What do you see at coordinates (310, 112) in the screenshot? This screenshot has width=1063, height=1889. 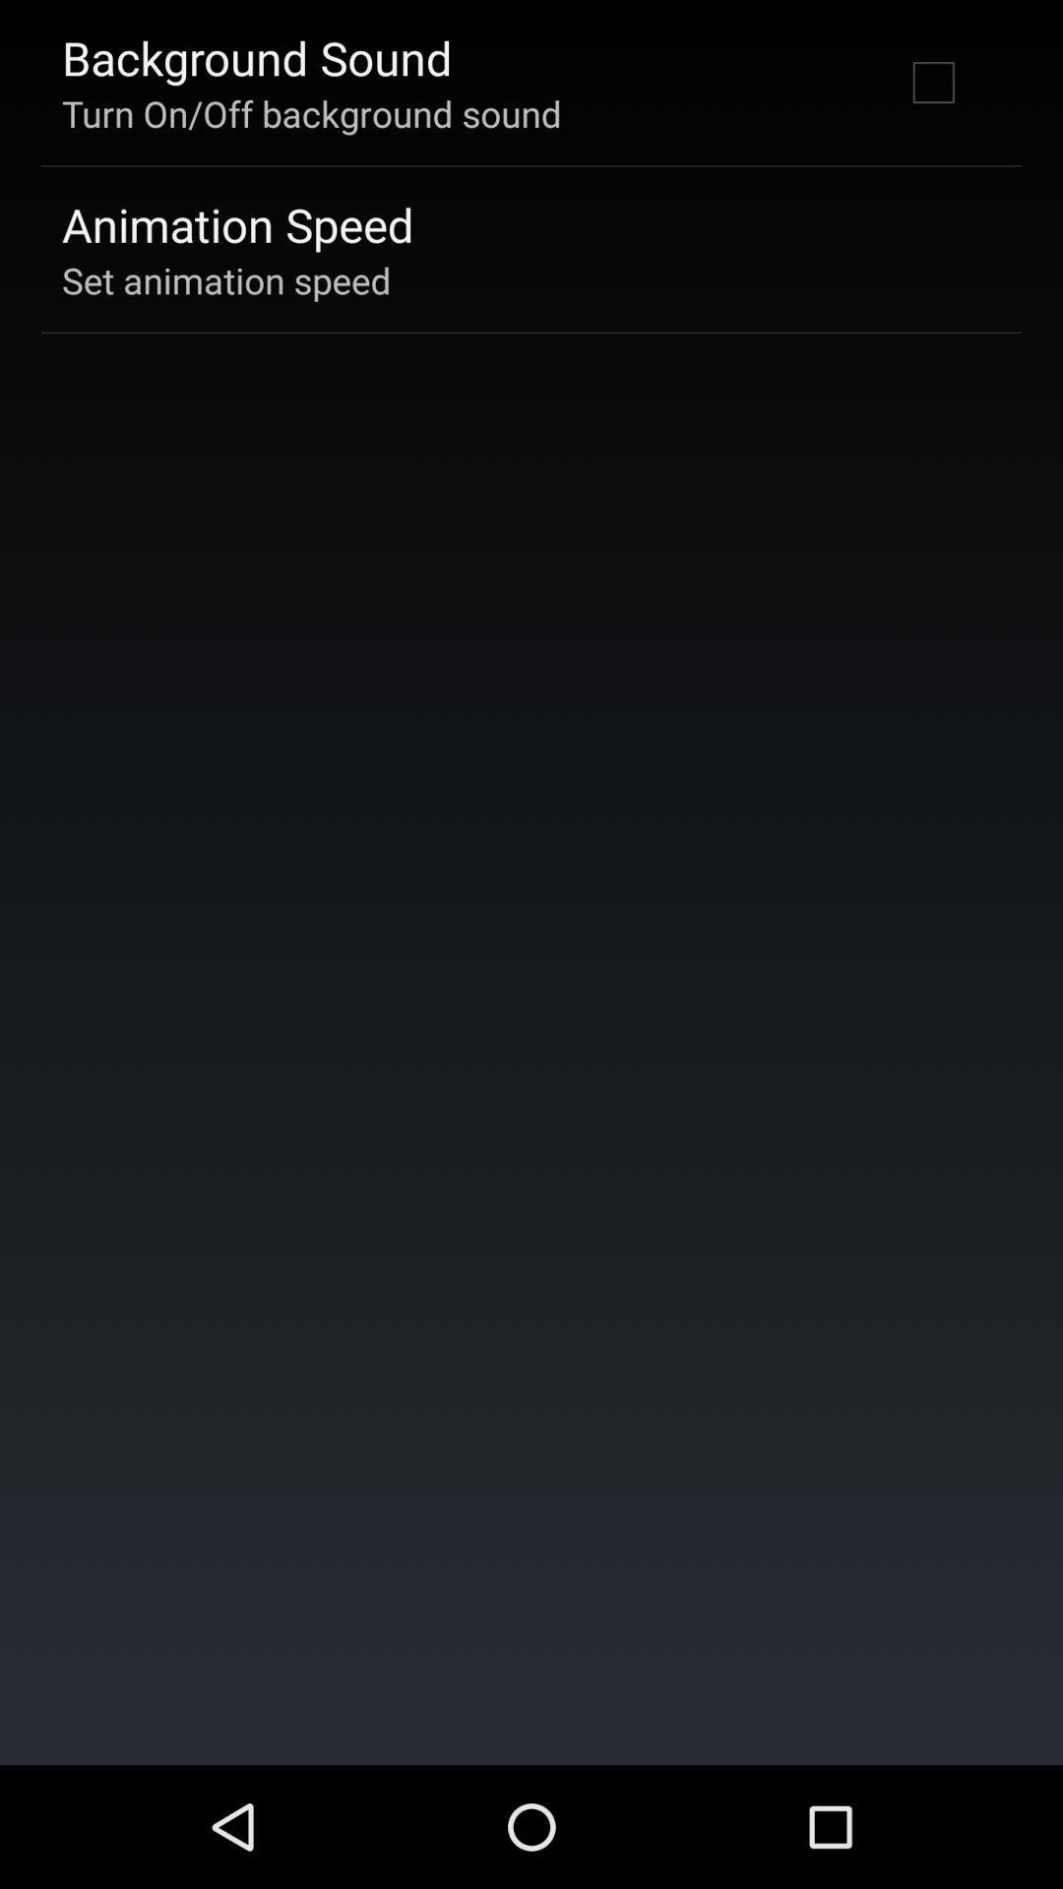 I see `the icon below background sound item` at bounding box center [310, 112].